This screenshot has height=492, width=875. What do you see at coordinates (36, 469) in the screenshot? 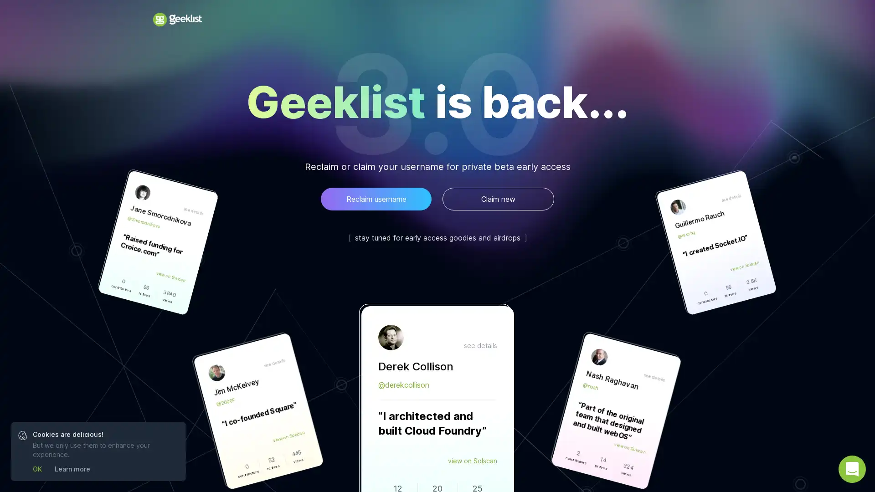
I see `OK` at bounding box center [36, 469].